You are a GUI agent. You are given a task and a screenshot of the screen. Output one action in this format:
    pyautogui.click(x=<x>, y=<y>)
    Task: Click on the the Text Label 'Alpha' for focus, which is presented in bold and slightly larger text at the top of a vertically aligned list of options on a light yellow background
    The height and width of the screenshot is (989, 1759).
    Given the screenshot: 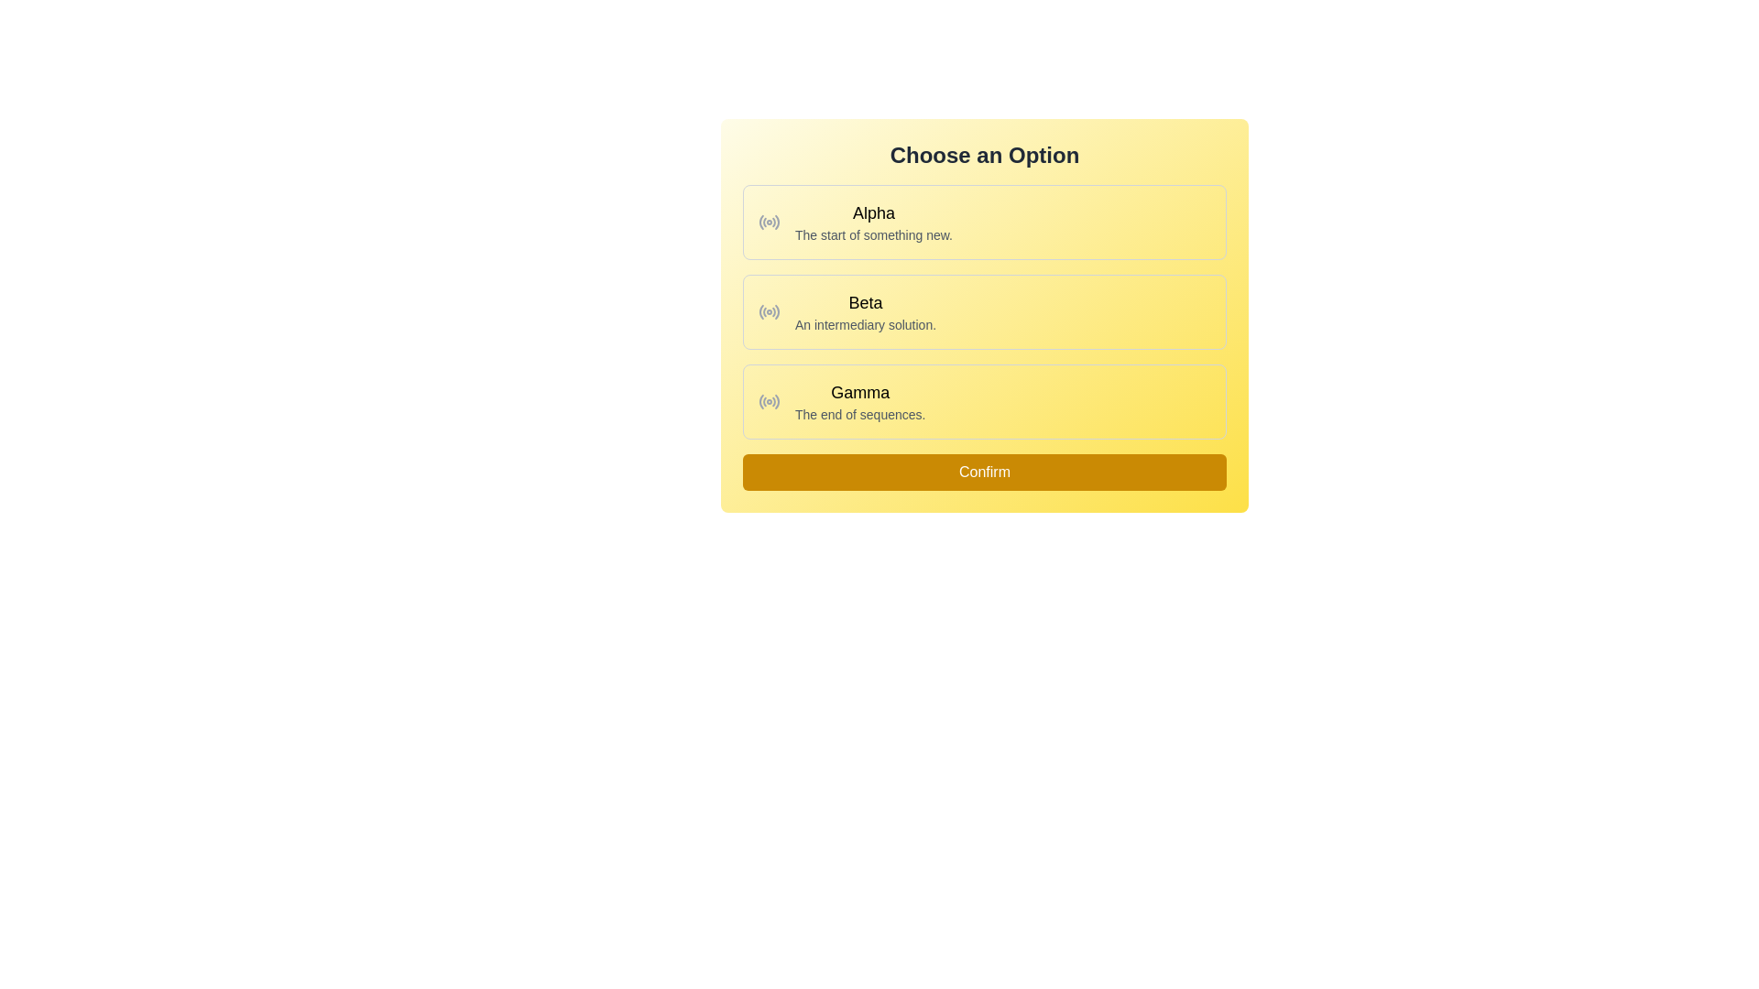 What is the action you would take?
    pyautogui.click(x=873, y=212)
    